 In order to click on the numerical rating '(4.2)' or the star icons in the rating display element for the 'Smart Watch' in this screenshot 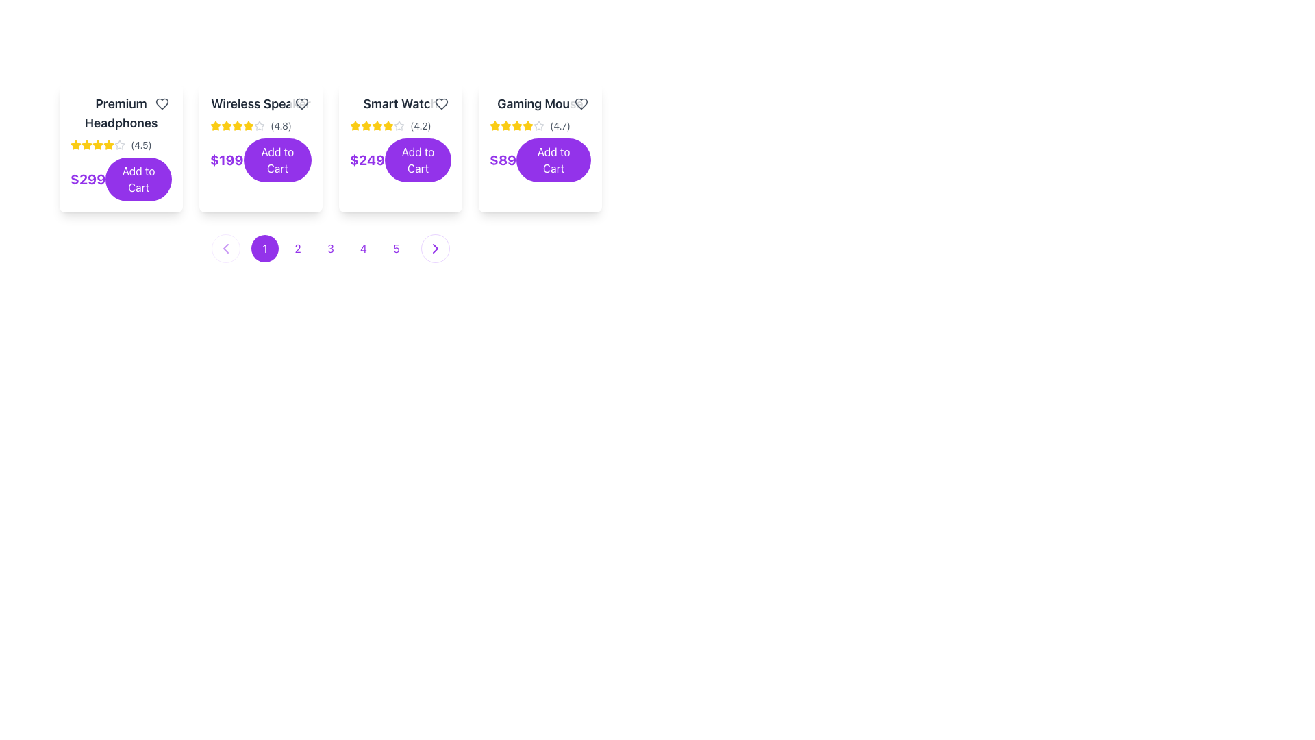, I will do `click(400, 126)`.